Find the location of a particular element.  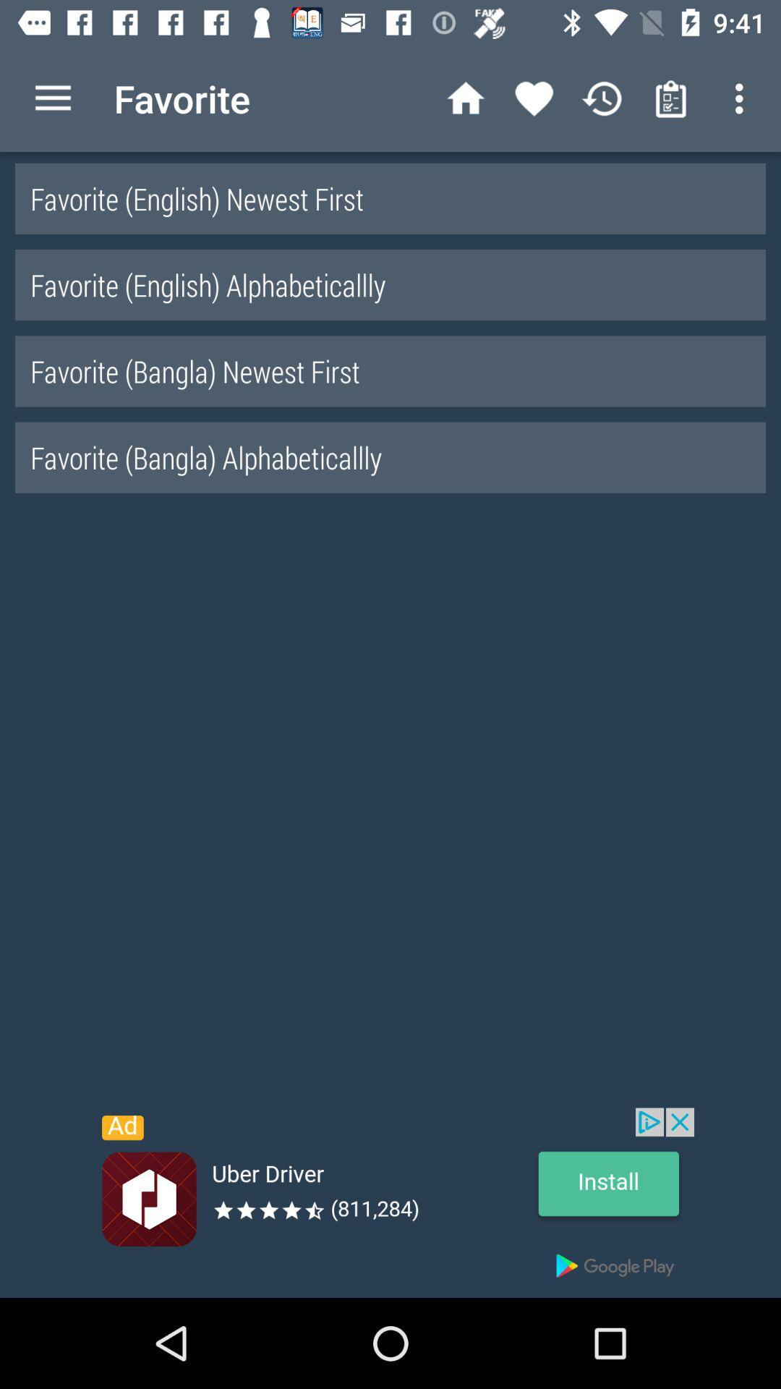

advertisement is located at coordinates (390, 1202).